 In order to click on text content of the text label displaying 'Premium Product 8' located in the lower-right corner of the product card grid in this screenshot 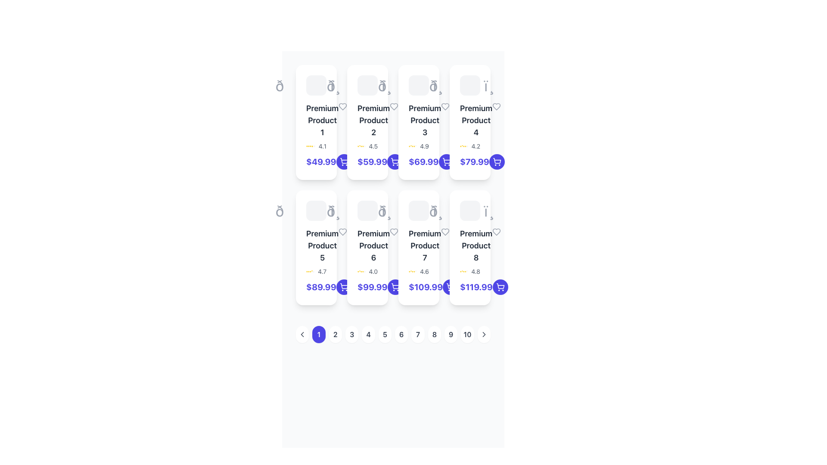, I will do `click(476, 245)`.